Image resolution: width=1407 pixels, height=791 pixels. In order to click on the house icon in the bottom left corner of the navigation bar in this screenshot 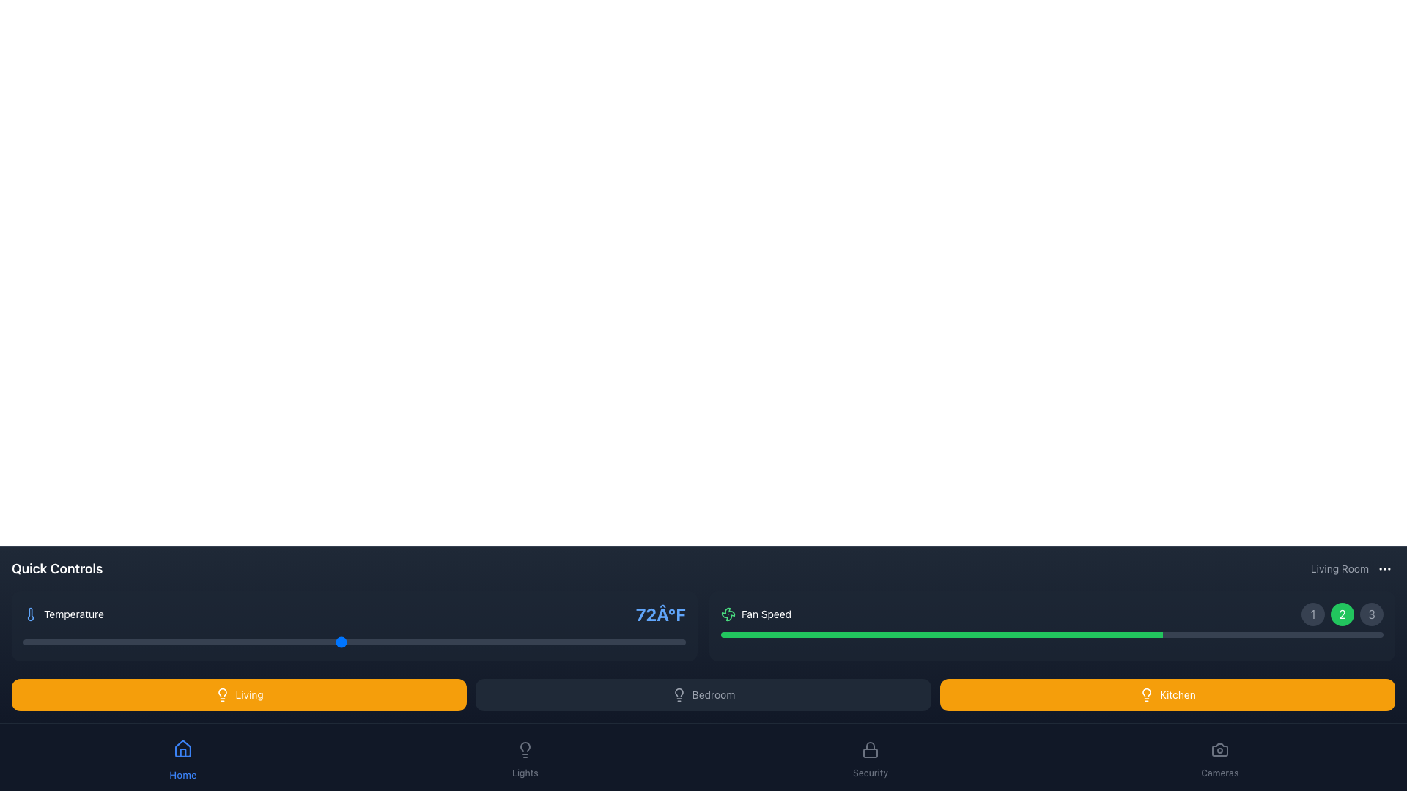, I will do `click(182, 749)`.